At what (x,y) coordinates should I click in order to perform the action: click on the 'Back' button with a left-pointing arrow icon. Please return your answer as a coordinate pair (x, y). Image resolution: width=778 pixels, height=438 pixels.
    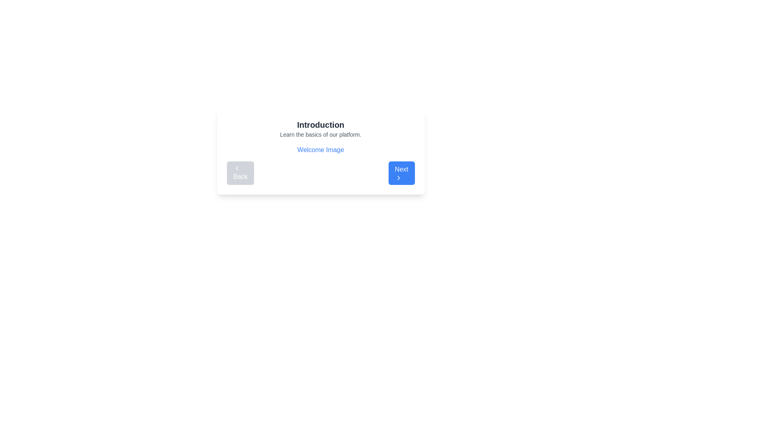
    Looking at the image, I should click on (240, 173).